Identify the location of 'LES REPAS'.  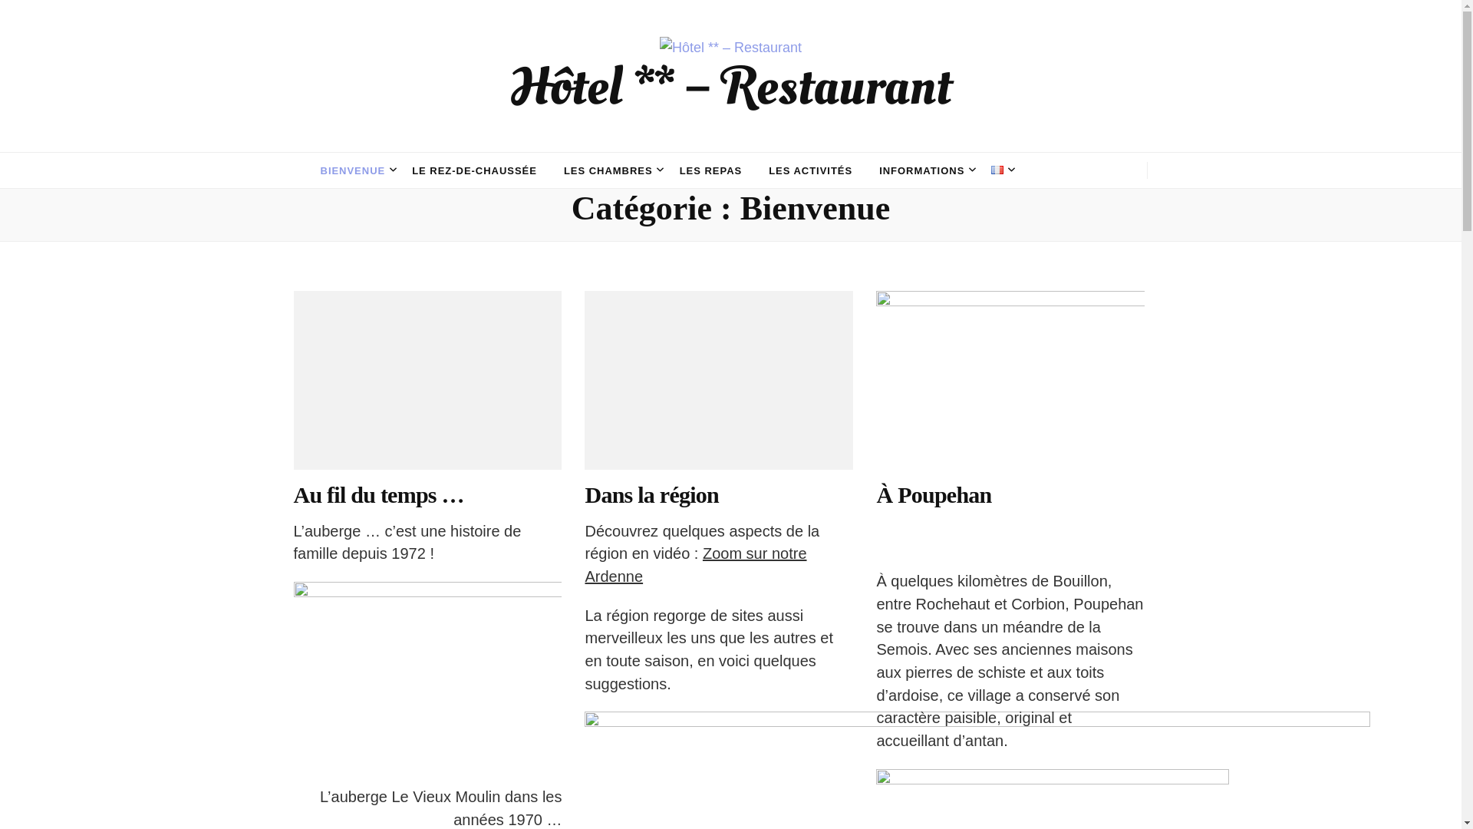
(679, 171).